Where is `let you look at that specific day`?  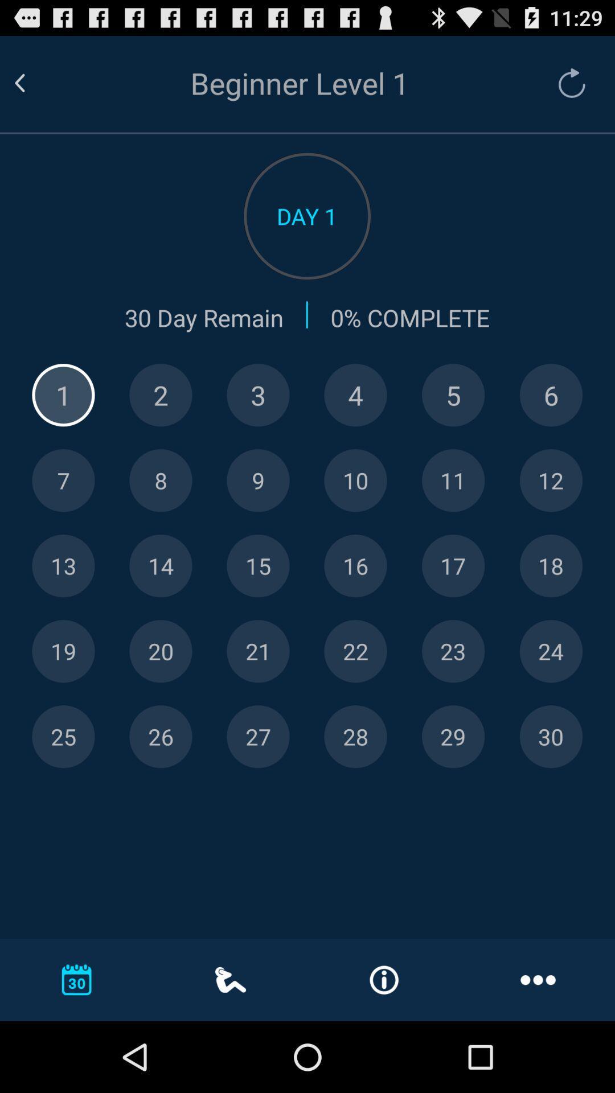
let you look at that specific day is located at coordinates (63, 480).